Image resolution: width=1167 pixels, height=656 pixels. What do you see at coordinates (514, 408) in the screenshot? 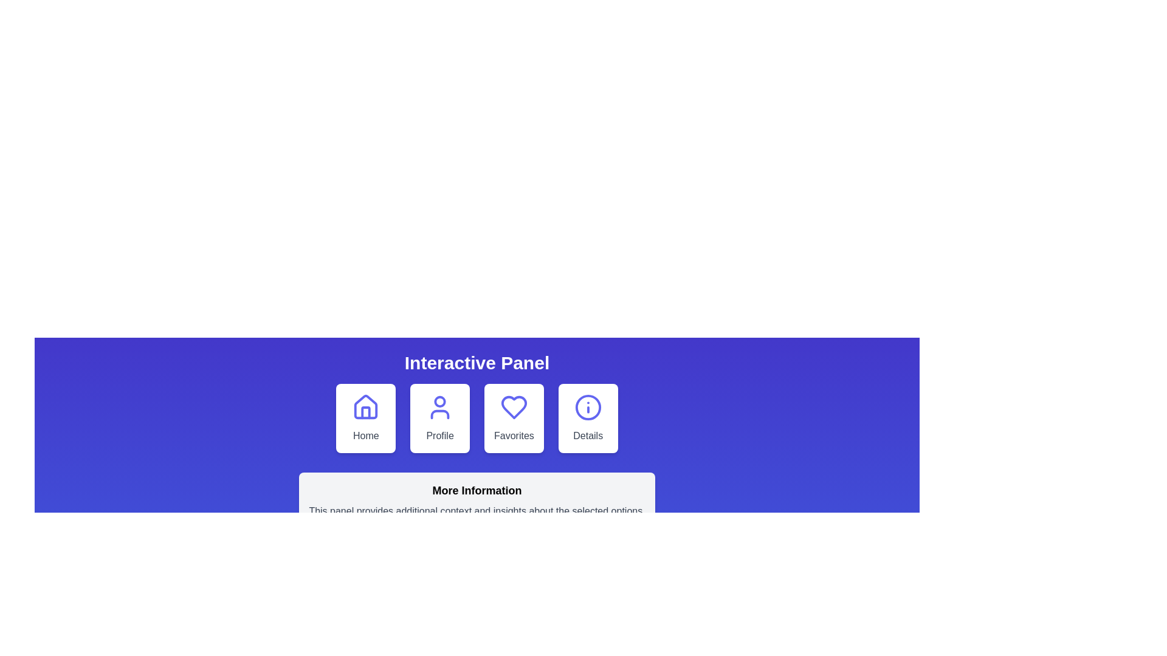
I see `the 'Favorites' heart icon, which is the third icon in a row of four, located centrally in the interactive panel section` at bounding box center [514, 408].